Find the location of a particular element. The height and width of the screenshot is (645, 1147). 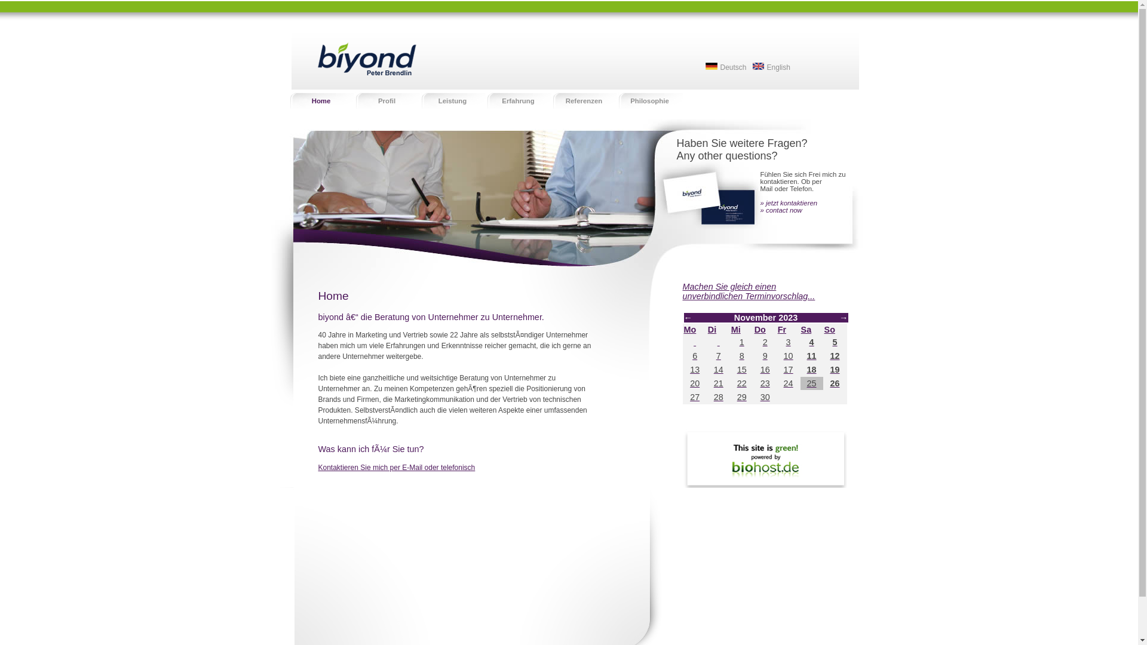

'22' is located at coordinates (741, 383).